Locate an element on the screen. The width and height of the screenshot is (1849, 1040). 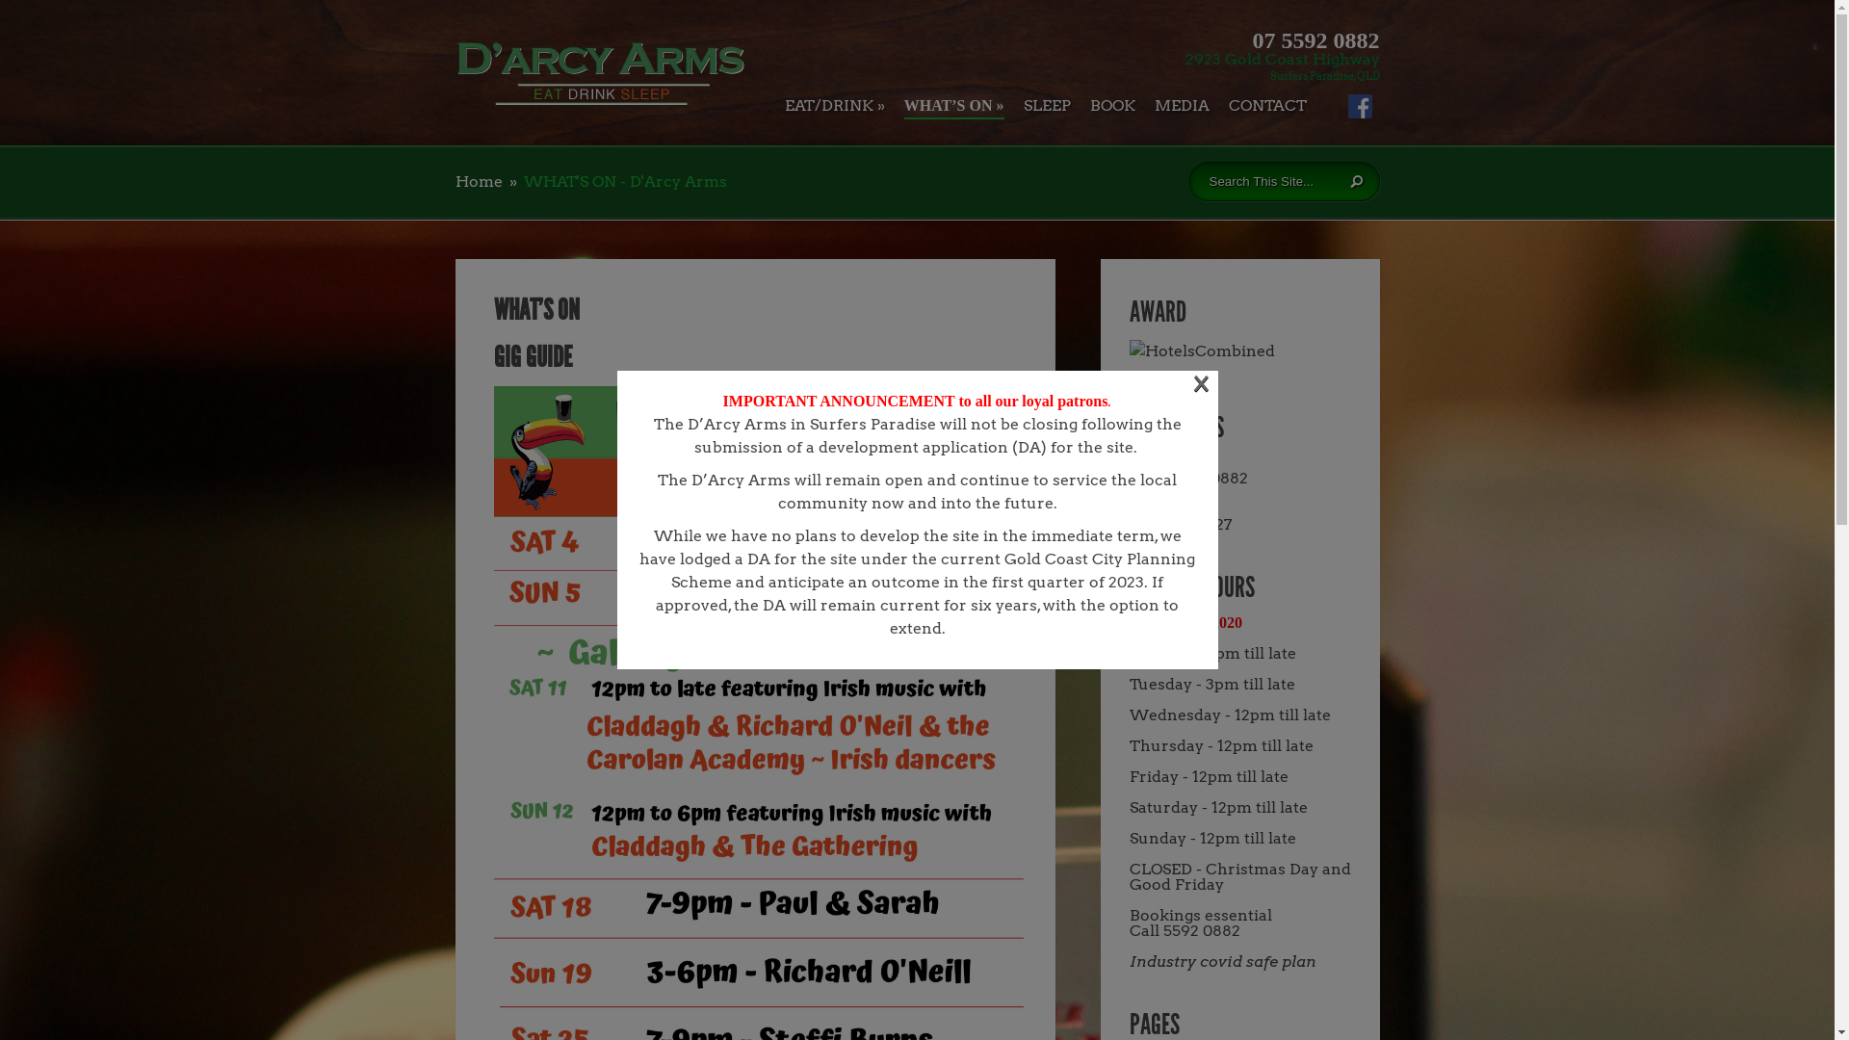
'Home' is located at coordinates (478, 181).